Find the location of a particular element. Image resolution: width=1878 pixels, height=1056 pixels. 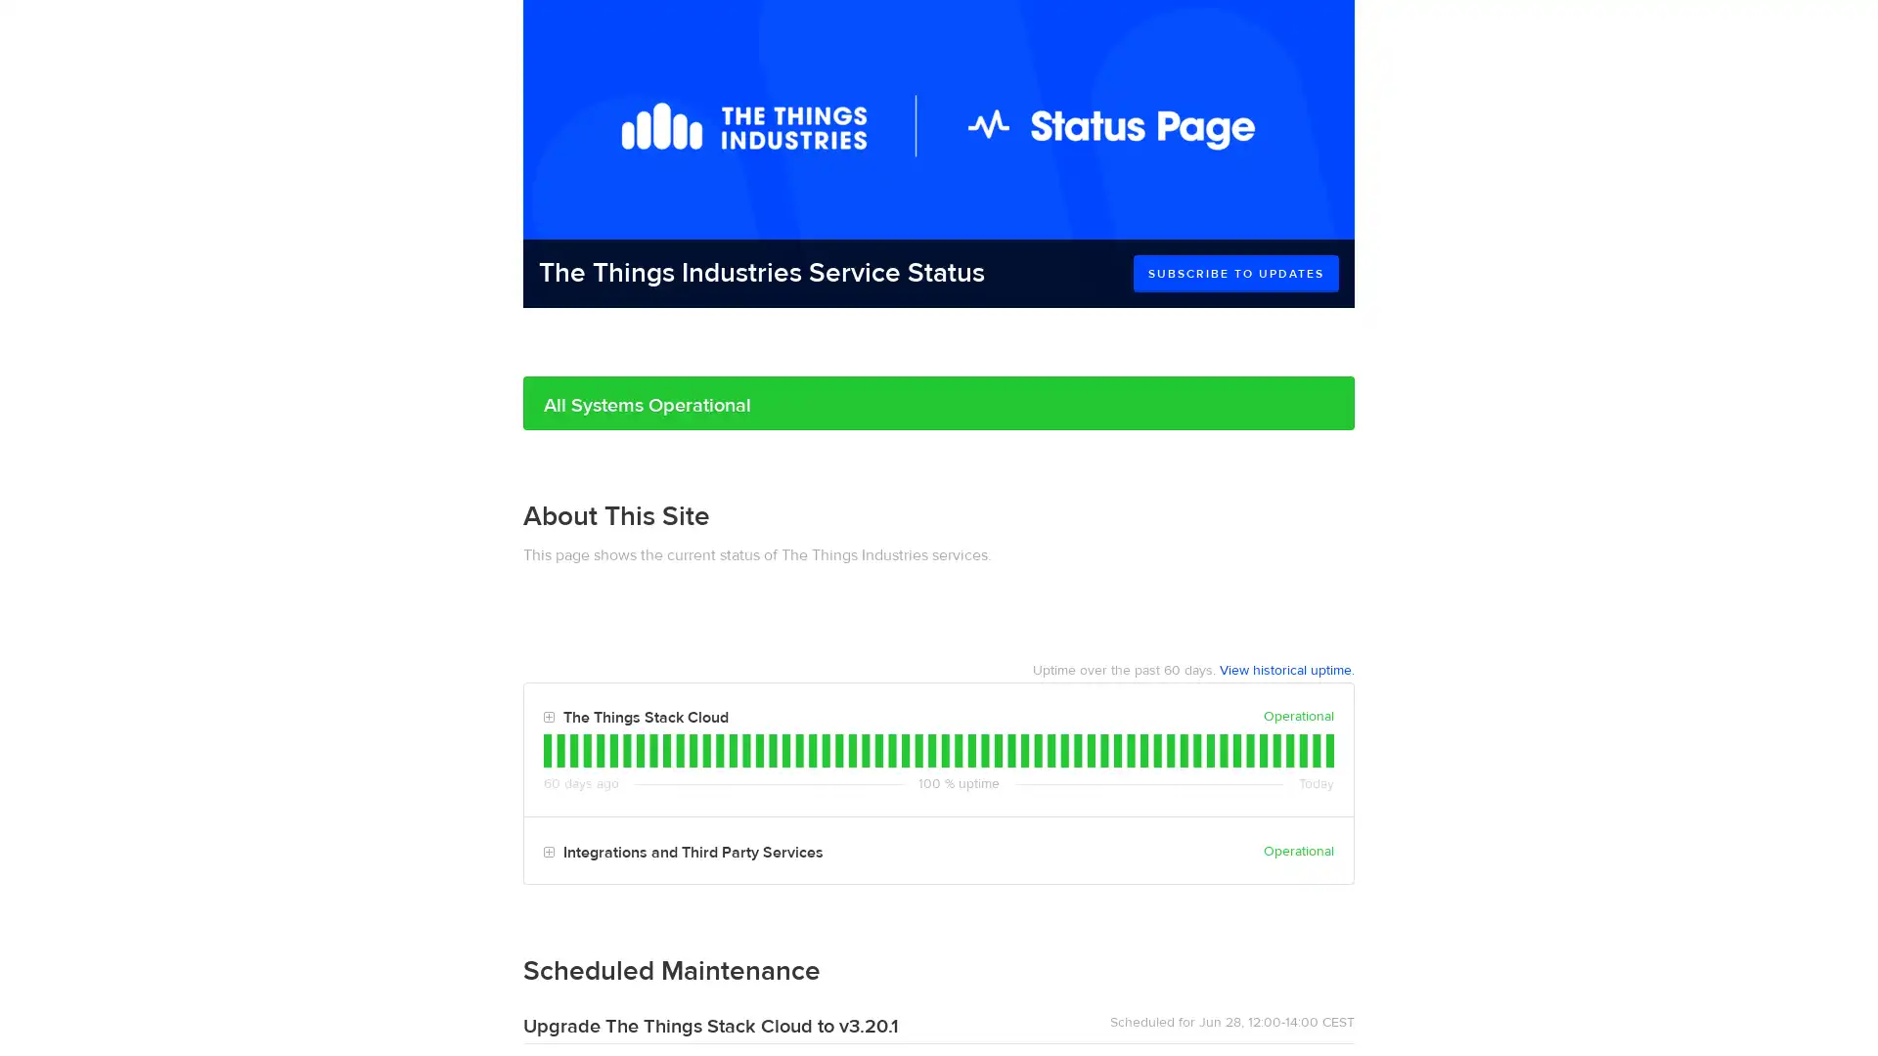

Toggle Integrations and Third Party Services is located at coordinates (548, 851).